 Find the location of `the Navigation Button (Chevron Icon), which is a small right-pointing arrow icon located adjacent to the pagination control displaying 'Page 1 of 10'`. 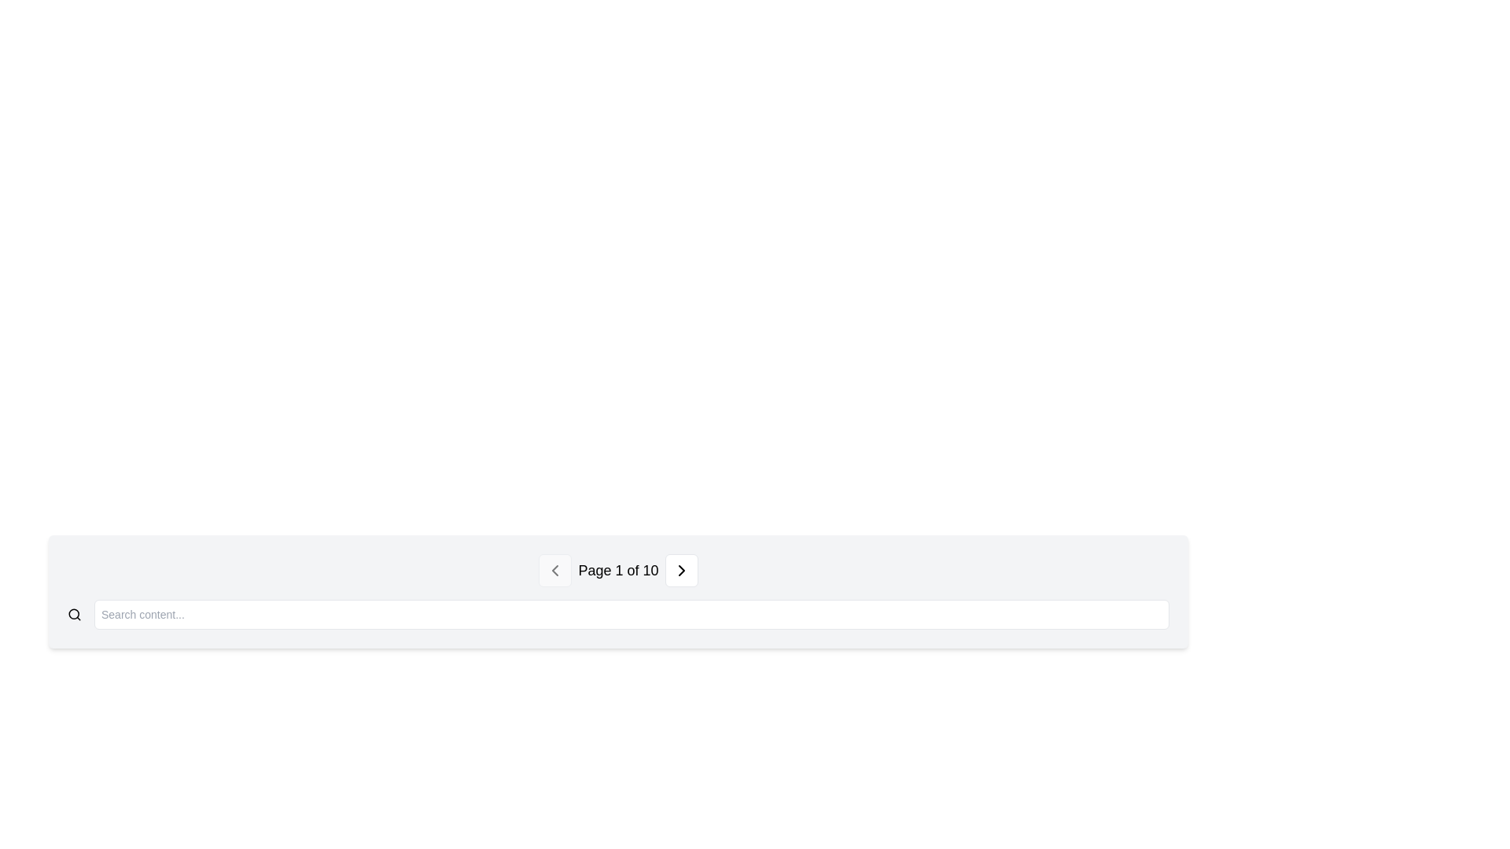

the Navigation Button (Chevron Icon), which is a small right-pointing arrow icon located adjacent to the pagination control displaying 'Page 1 of 10' is located at coordinates (681, 570).